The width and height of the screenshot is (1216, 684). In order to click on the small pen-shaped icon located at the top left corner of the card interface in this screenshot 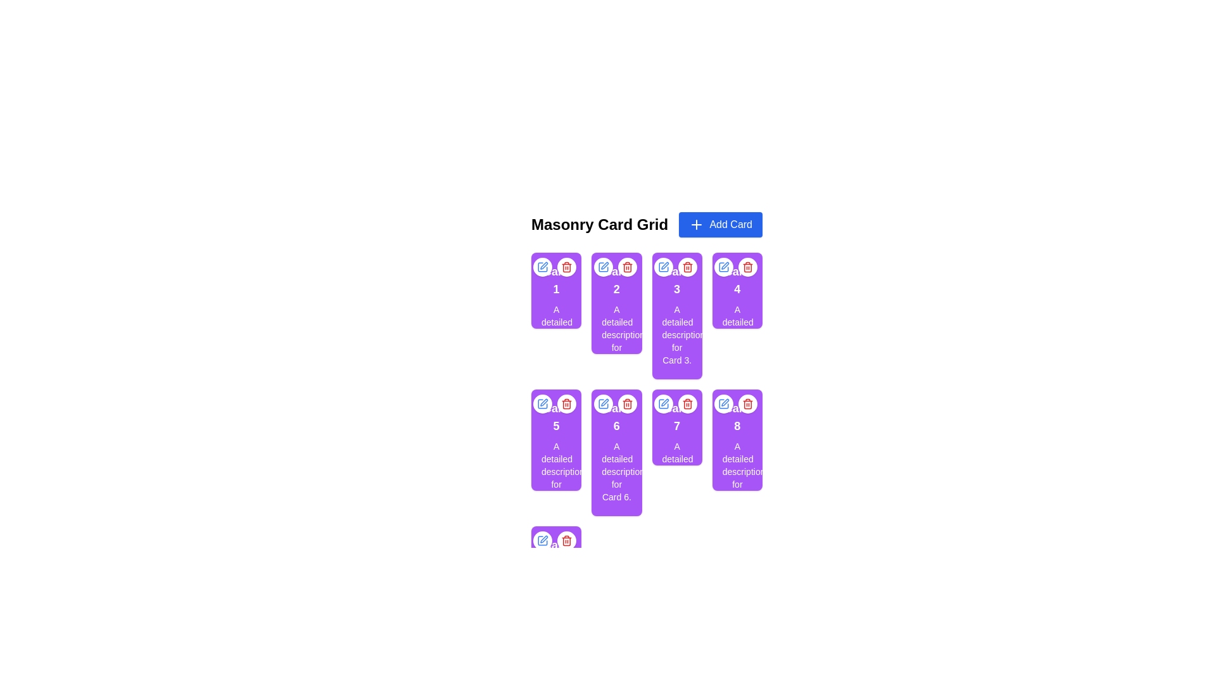, I will do `click(544, 539)`.